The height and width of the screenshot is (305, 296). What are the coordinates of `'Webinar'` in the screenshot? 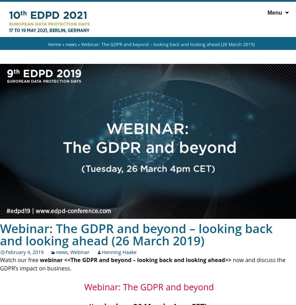 It's located at (70, 252).